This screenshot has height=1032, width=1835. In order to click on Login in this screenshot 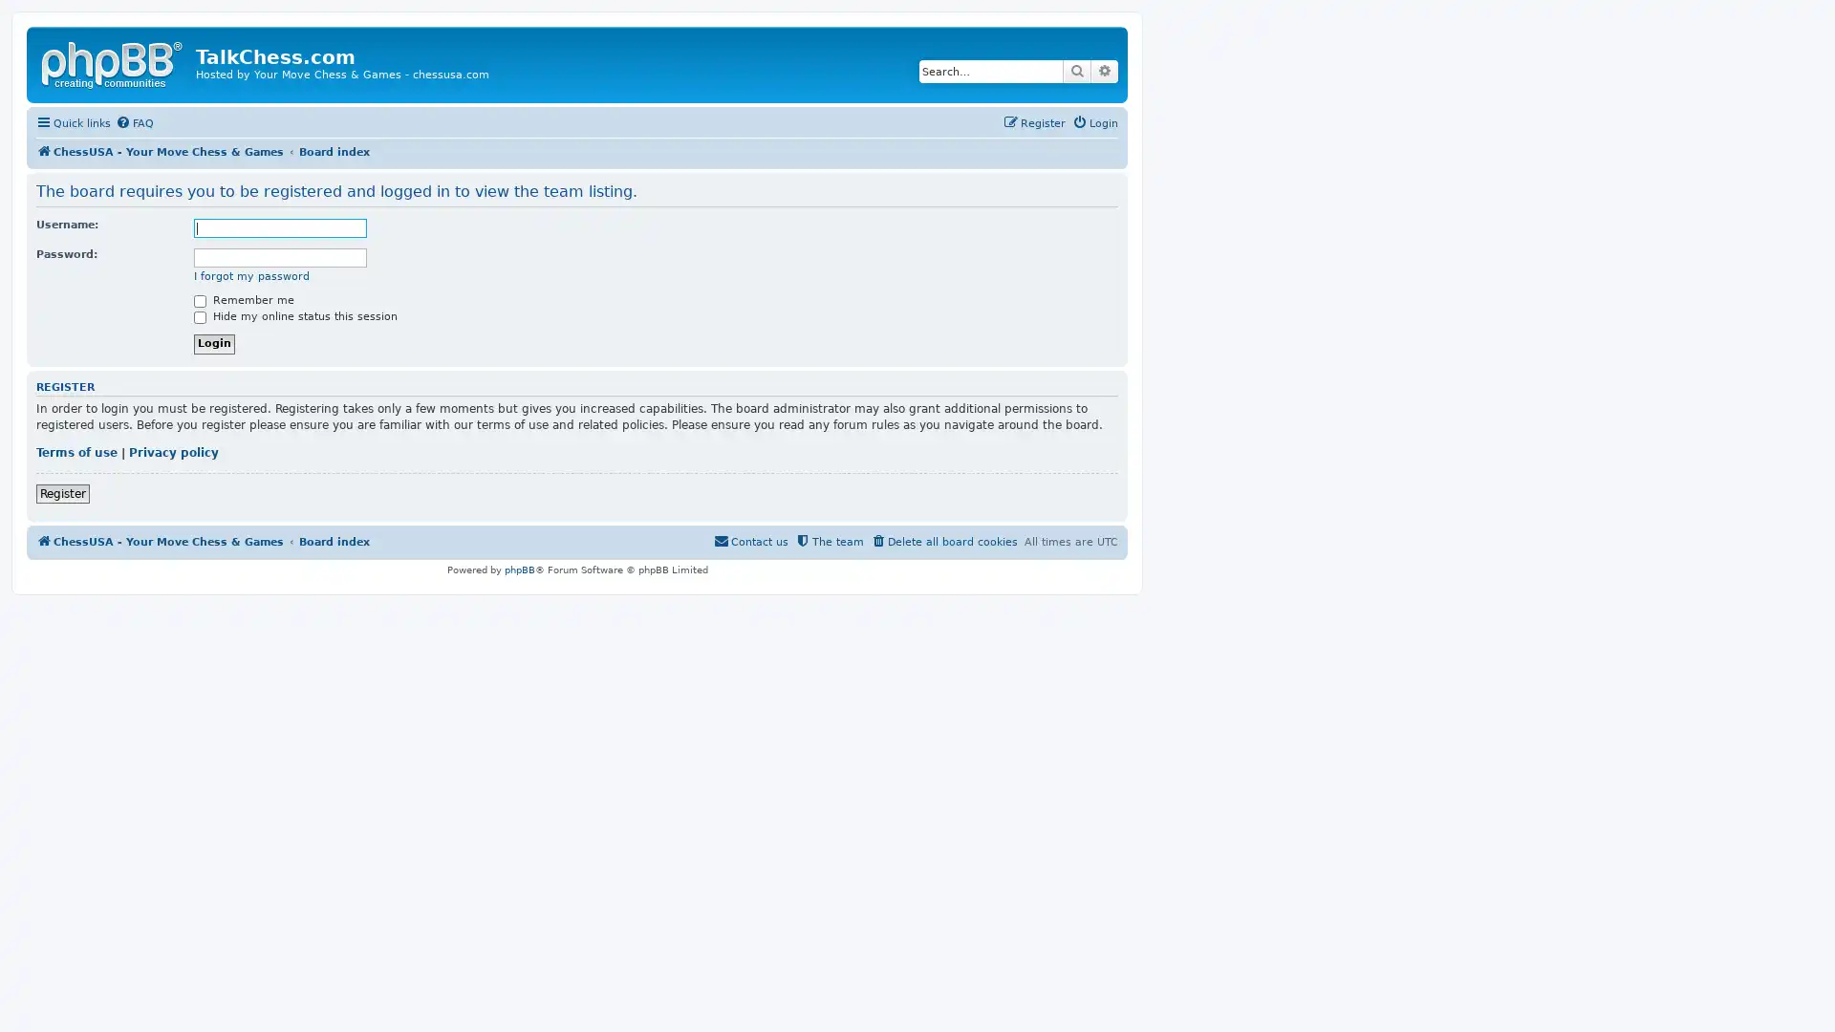, I will do `click(214, 342)`.